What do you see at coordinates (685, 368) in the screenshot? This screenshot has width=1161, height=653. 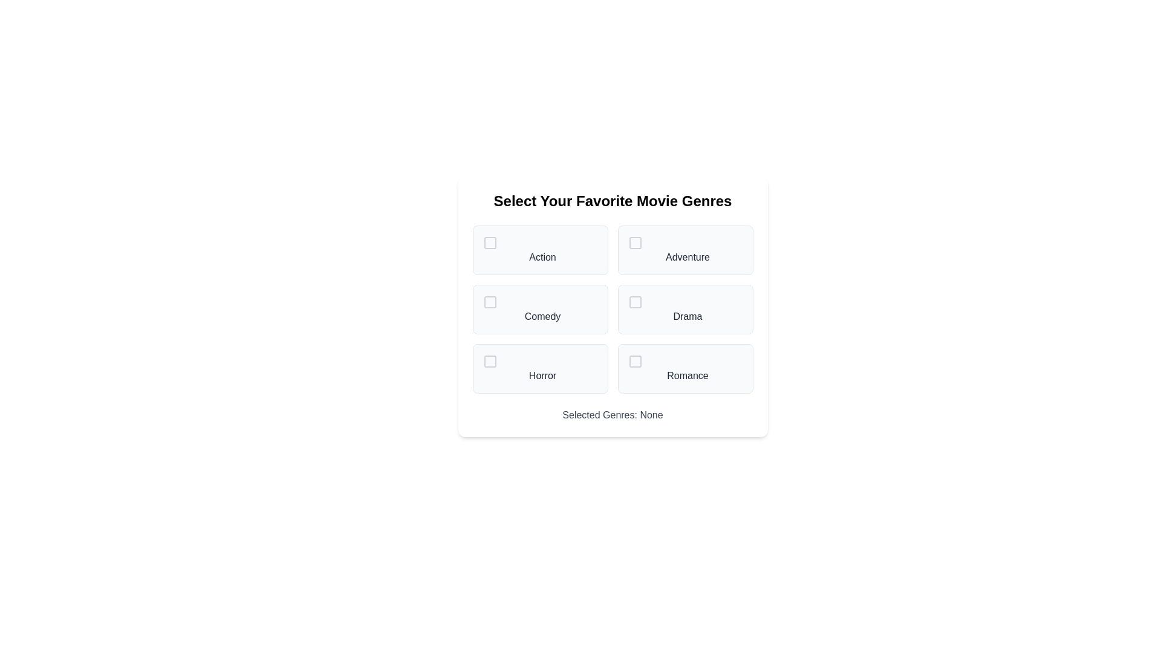 I see `the genre Romance to observe its hover effect` at bounding box center [685, 368].